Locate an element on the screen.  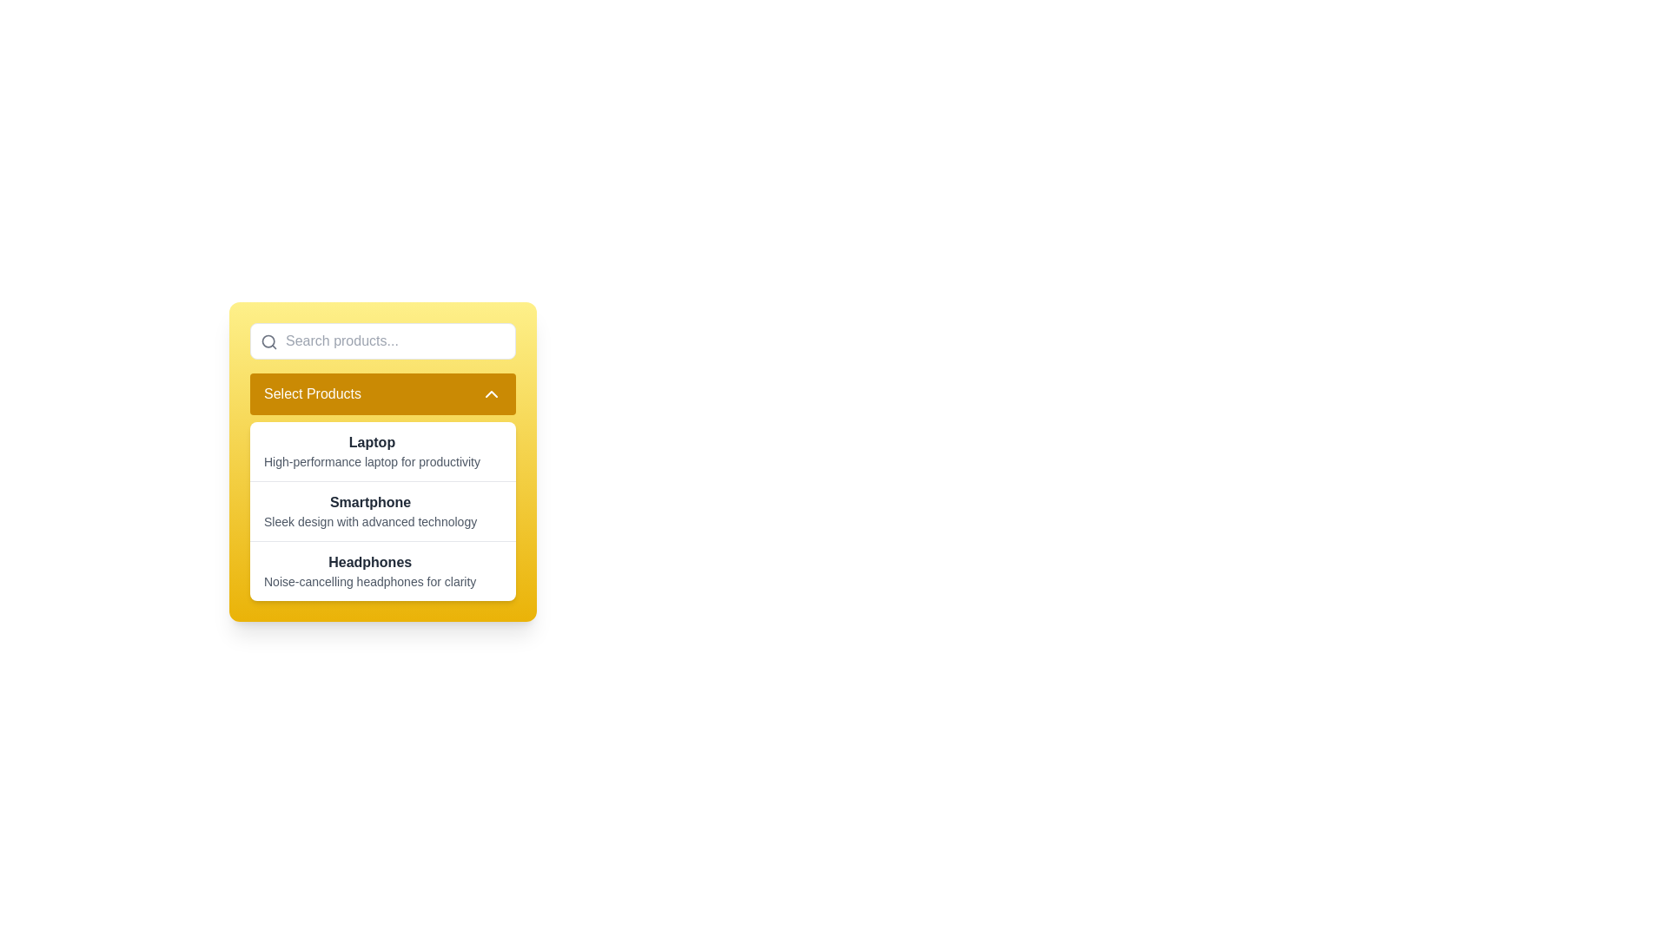
the SVG circle located at the center of the search icon in the search bar at the top left corner of the input field is located at coordinates (268, 341).